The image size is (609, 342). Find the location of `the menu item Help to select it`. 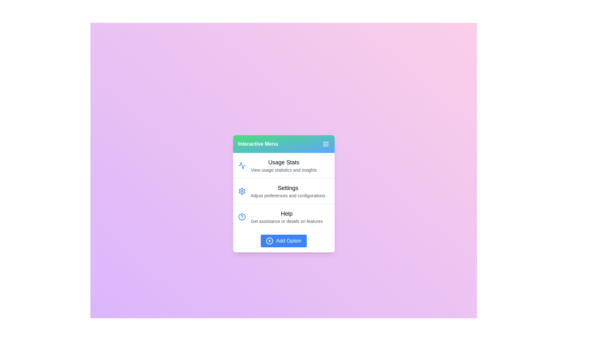

the menu item Help to select it is located at coordinates (283, 217).